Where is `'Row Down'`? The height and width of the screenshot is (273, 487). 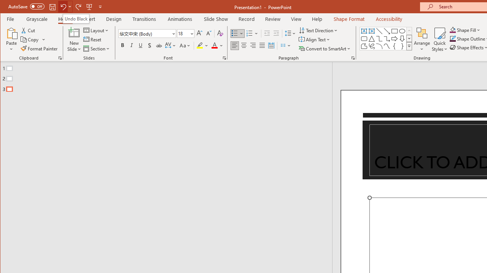
'Row Down' is located at coordinates (409, 38).